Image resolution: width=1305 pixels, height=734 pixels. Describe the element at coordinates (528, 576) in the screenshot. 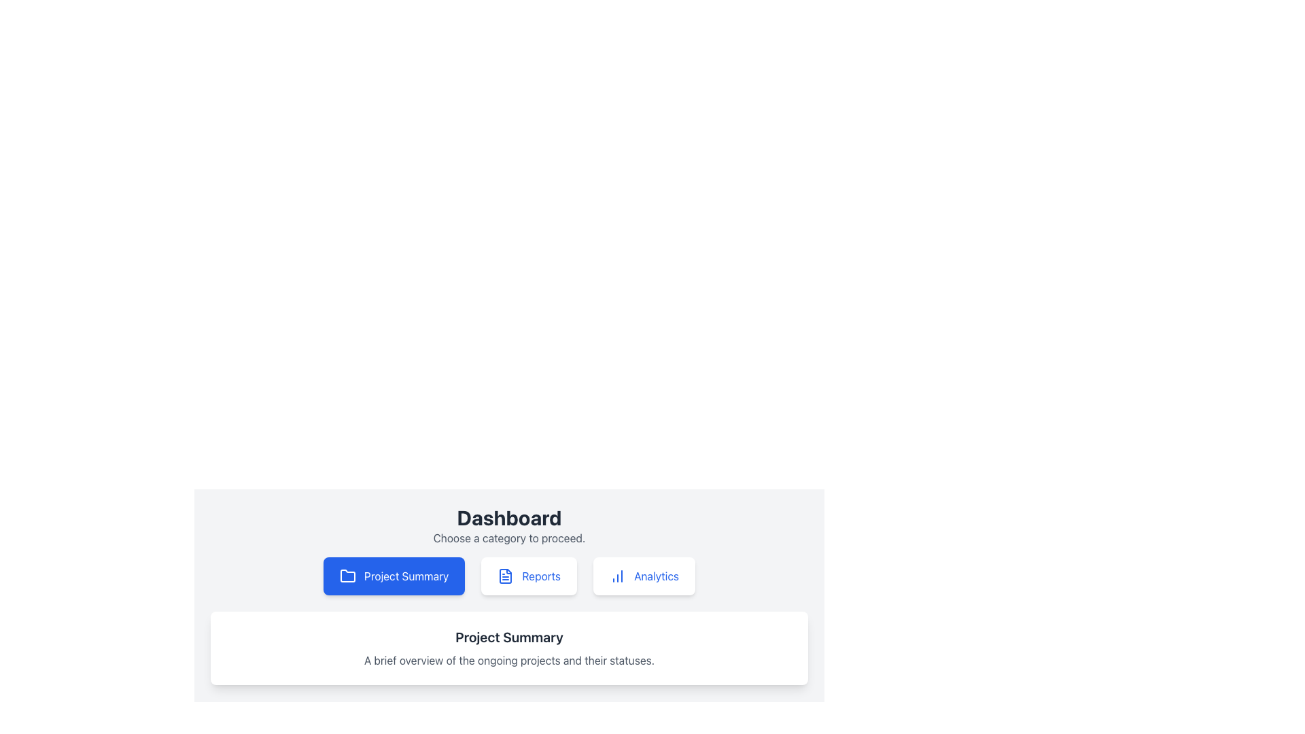

I see `the rectangular button with rounded corners, white background, blue text, and document icon labeled 'Reports', located below the 'Dashboard' heading` at that location.